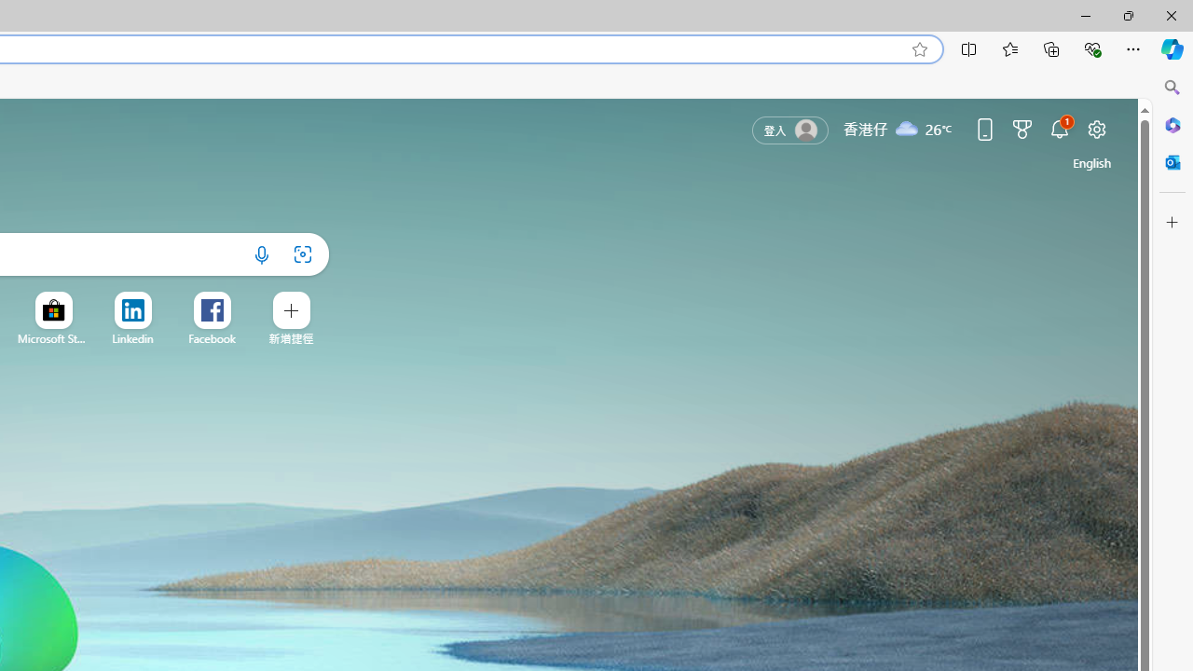 The image size is (1193, 671). Describe the element at coordinates (53, 338) in the screenshot. I see `'Microsoft Store'` at that location.